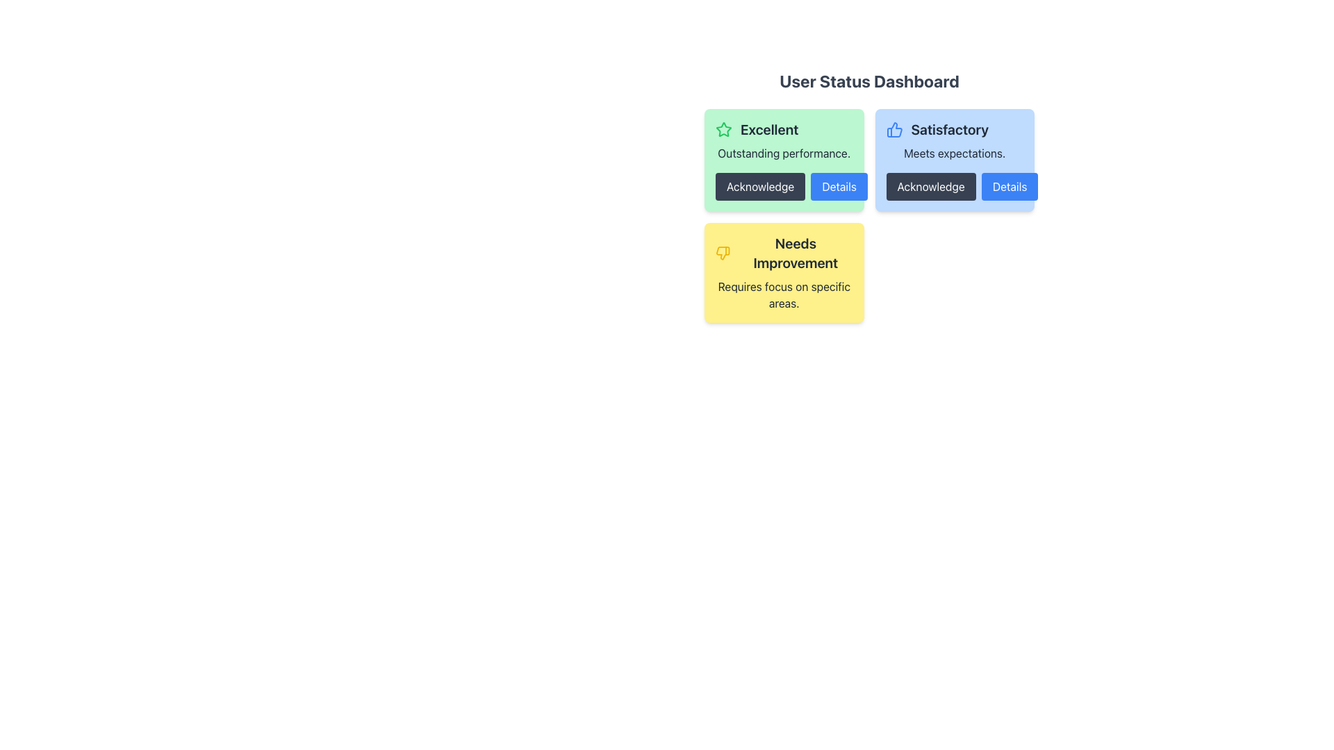  Describe the element at coordinates (723, 253) in the screenshot. I see `the 'Needs Improvement' icon located at the top left of the yellow card` at that location.